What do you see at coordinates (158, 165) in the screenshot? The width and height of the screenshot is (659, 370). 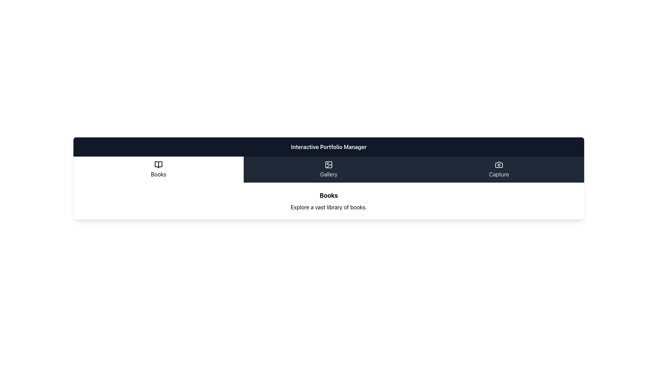 I see `the open book icon located above the 'Books' label` at bounding box center [158, 165].